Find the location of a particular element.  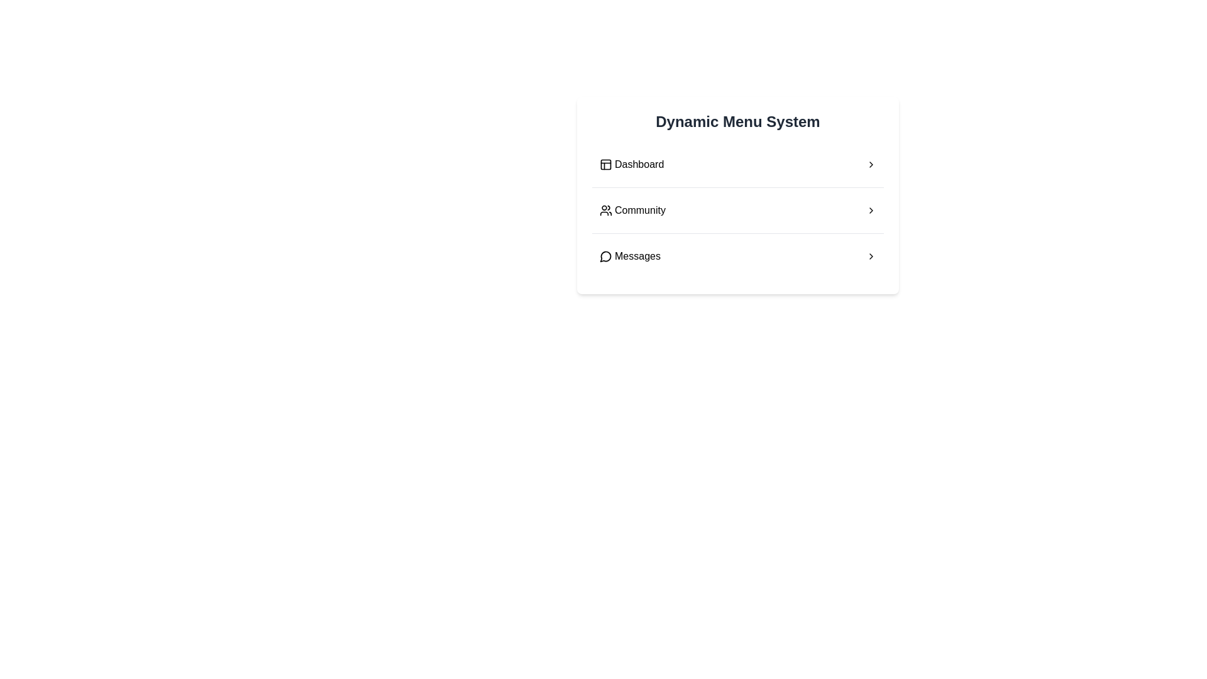

the first menu item labeled 'Dashboard' in the vertical menu panel is located at coordinates (738, 164).